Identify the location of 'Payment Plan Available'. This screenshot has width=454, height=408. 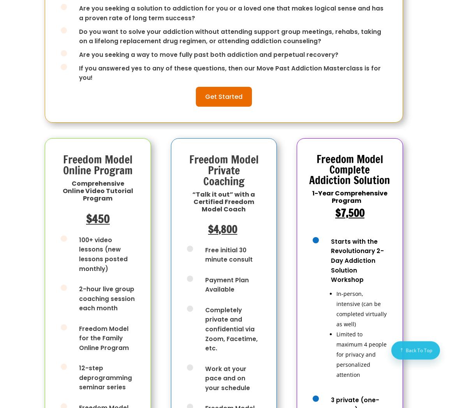
(226, 284).